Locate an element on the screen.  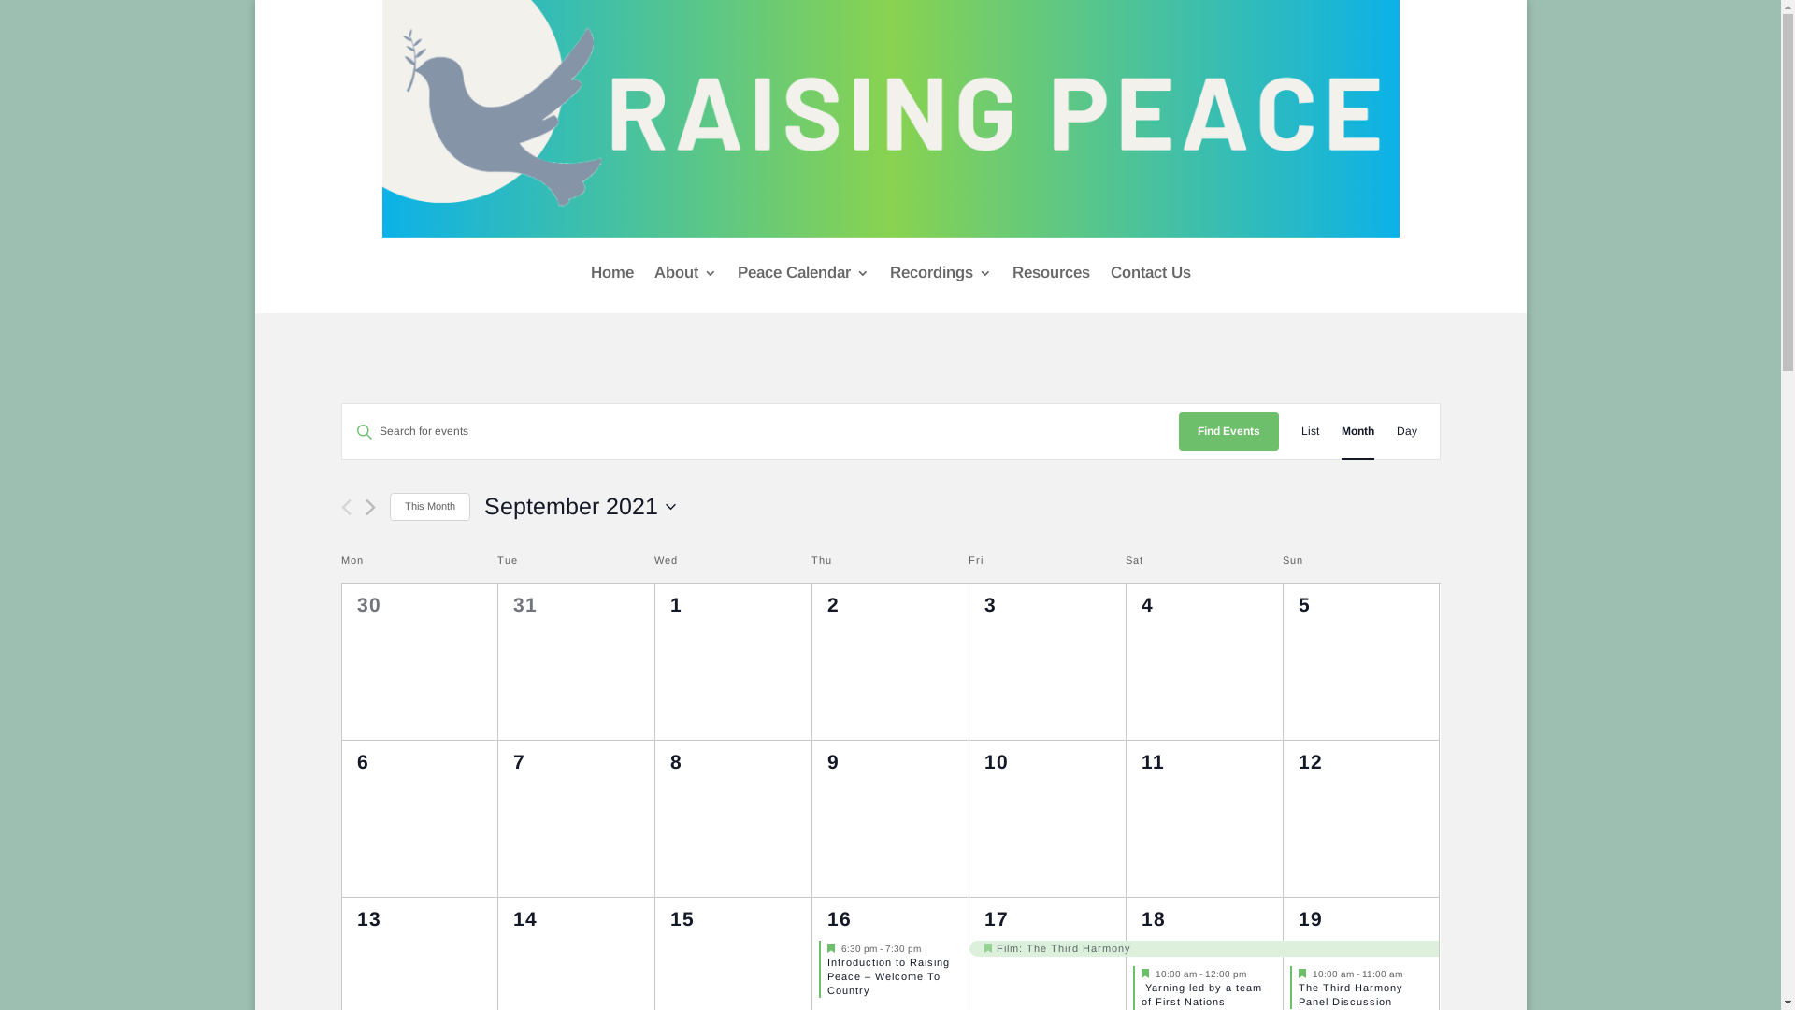
'About' is located at coordinates (654, 273).